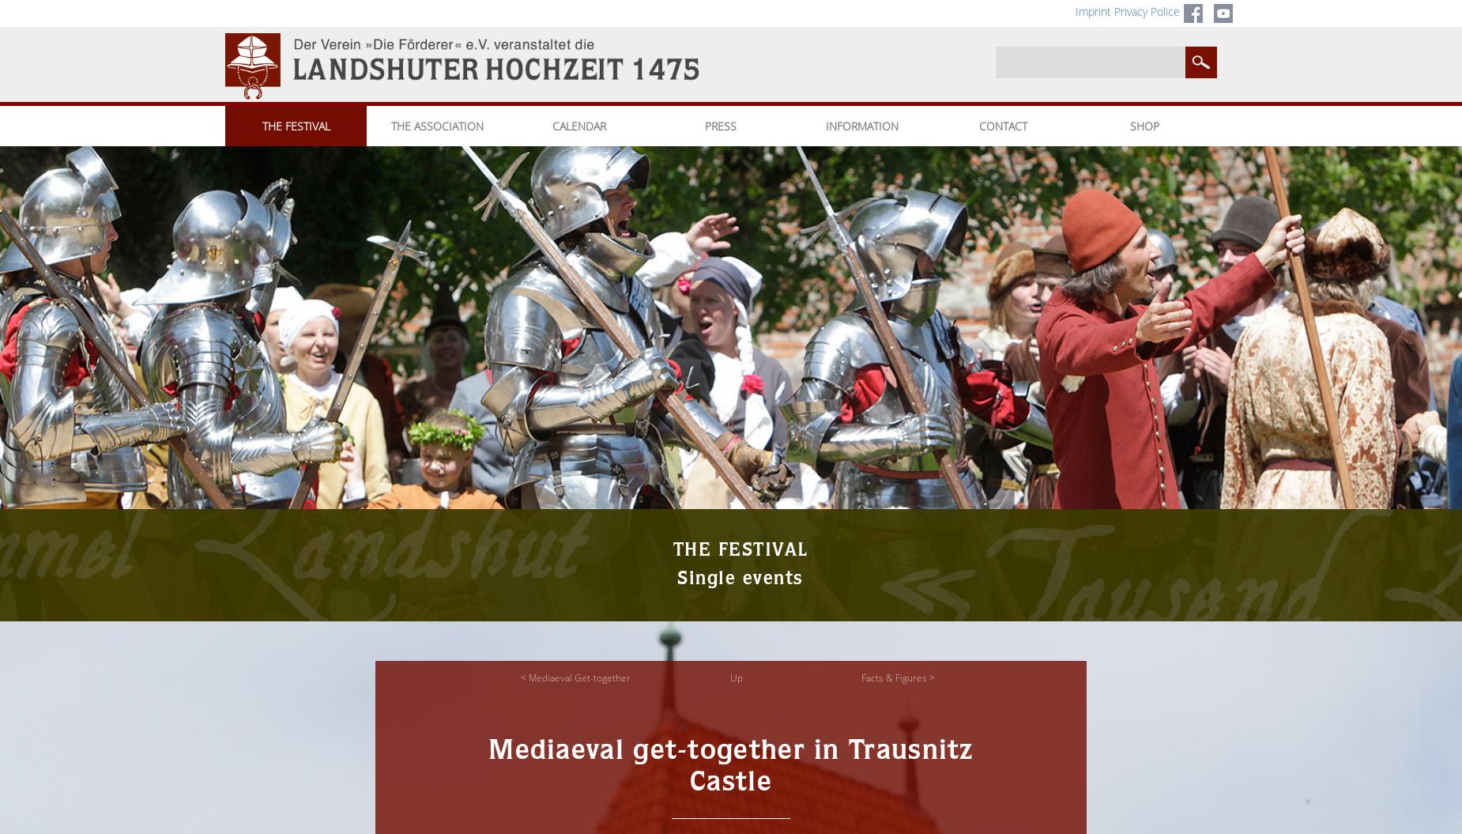 This screenshot has height=834, width=1462. What do you see at coordinates (739, 579) in the screenshot?
I see `'Single events'` at bounding box center [739, 579].